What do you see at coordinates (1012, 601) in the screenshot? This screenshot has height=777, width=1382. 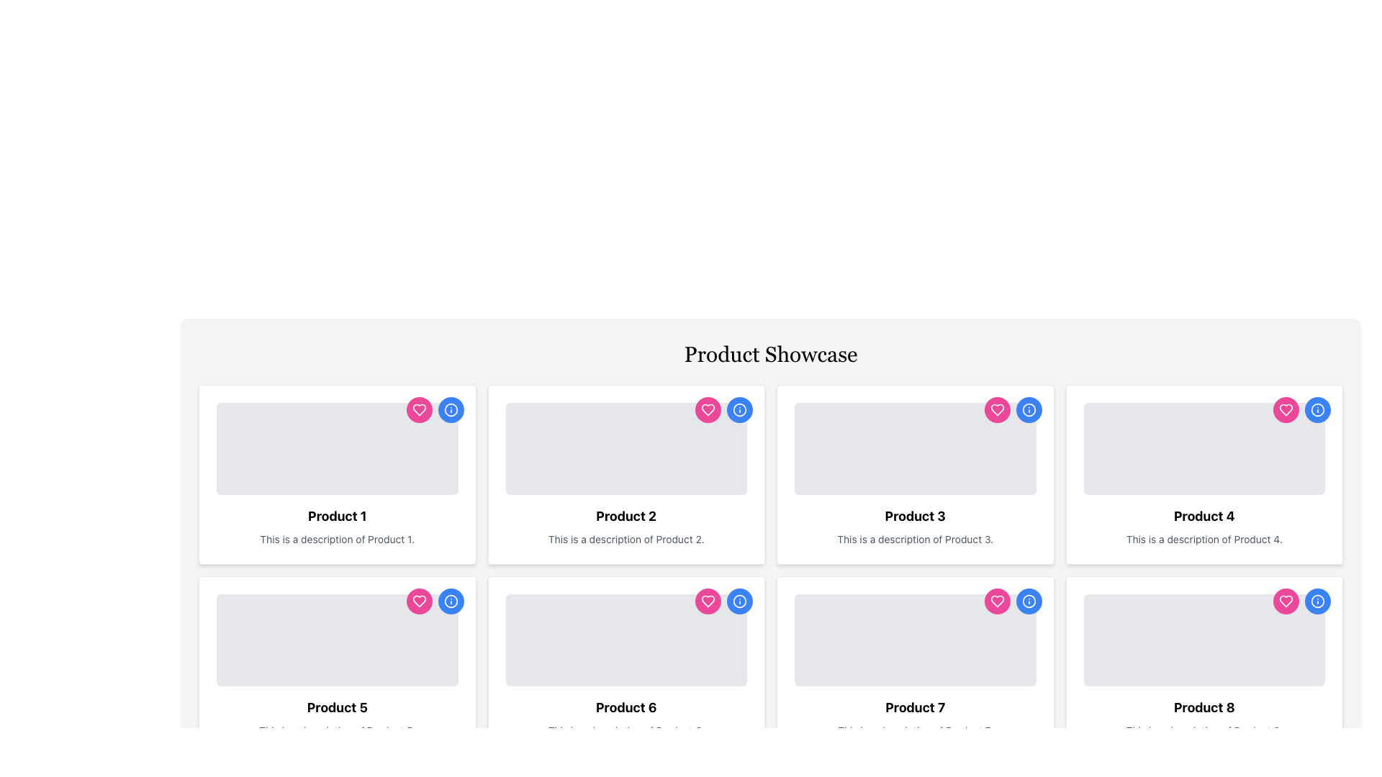 I see `the left pink button with a heart icon to like the product within the card for 'Product 7'` at bounding box center [1012, 601].